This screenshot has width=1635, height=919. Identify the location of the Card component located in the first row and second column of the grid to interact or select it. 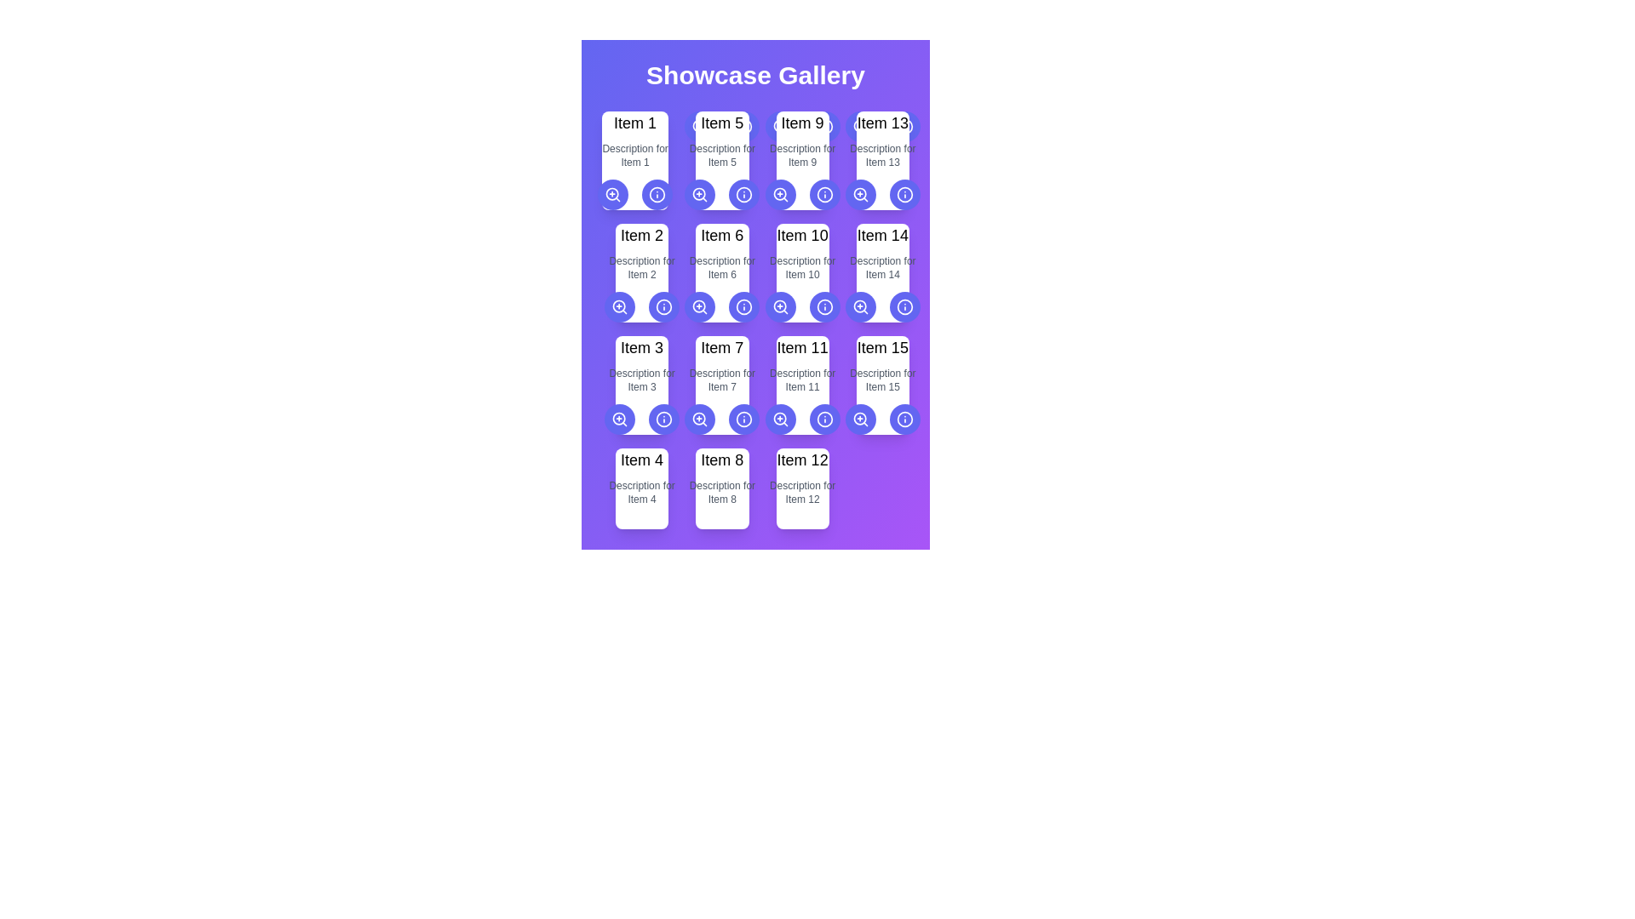
(722, 161).